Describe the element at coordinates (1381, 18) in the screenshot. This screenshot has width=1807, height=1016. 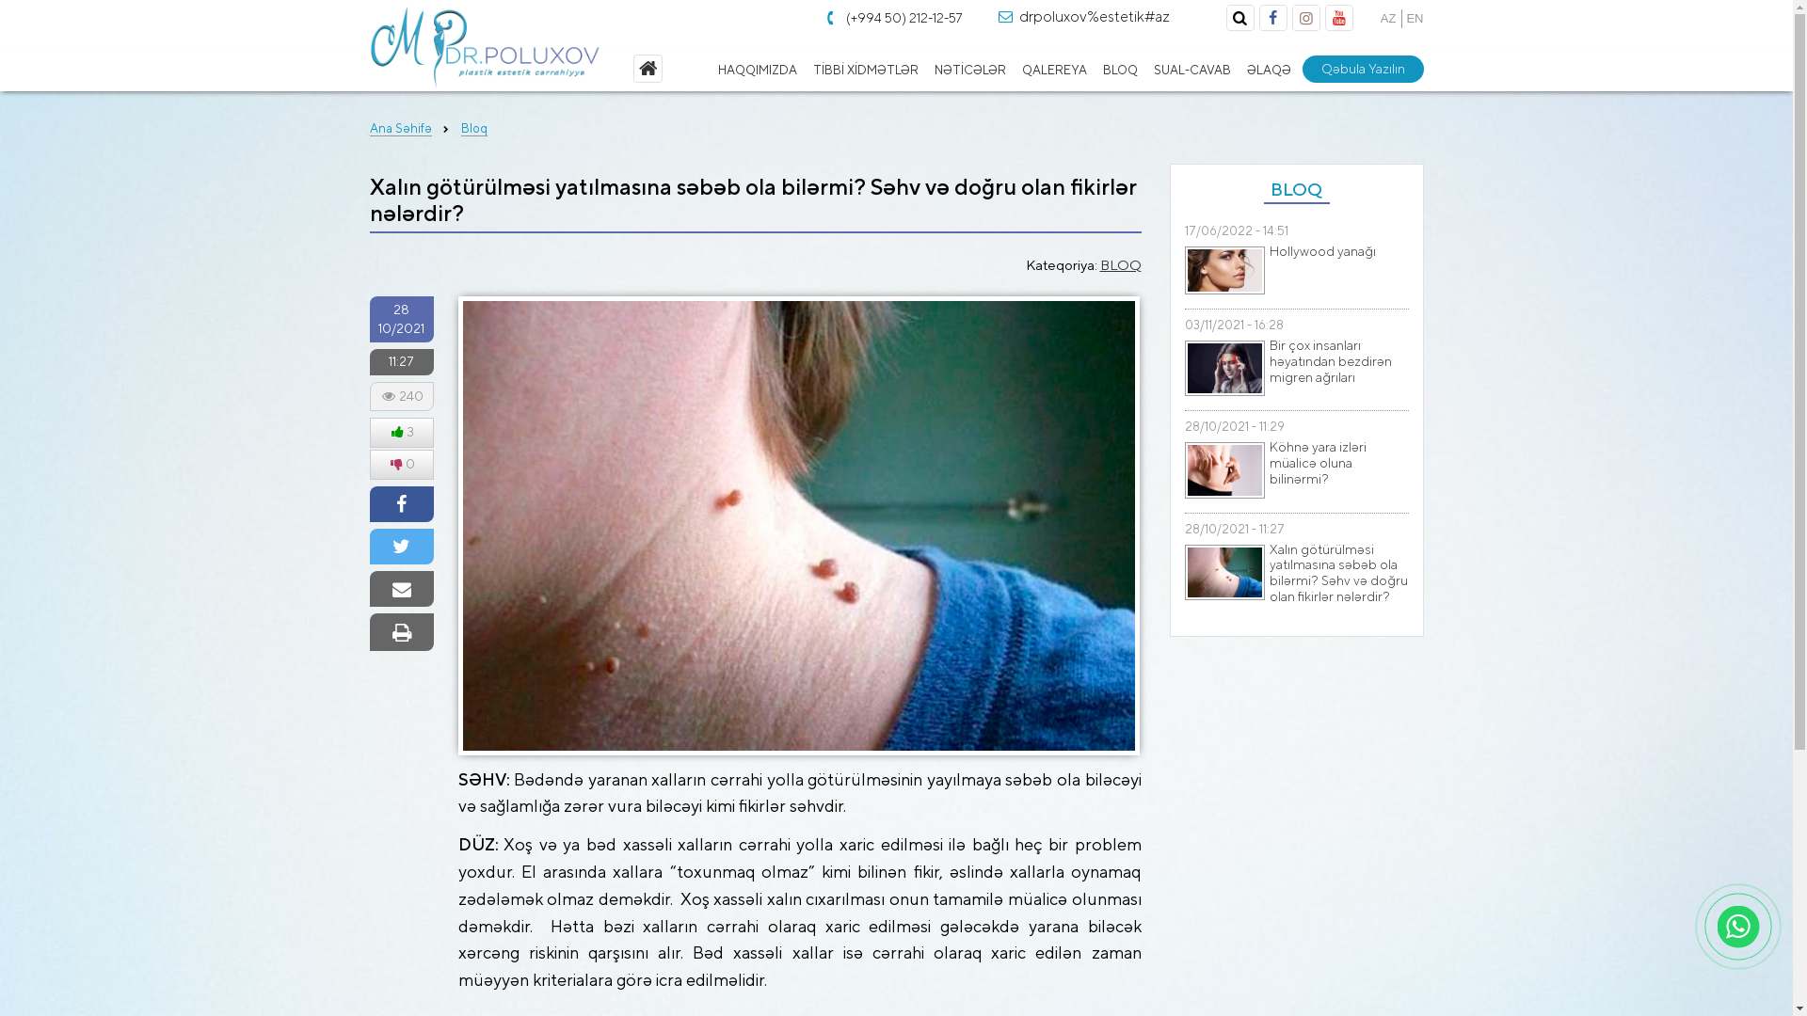
I see `'AZ'` at that location.